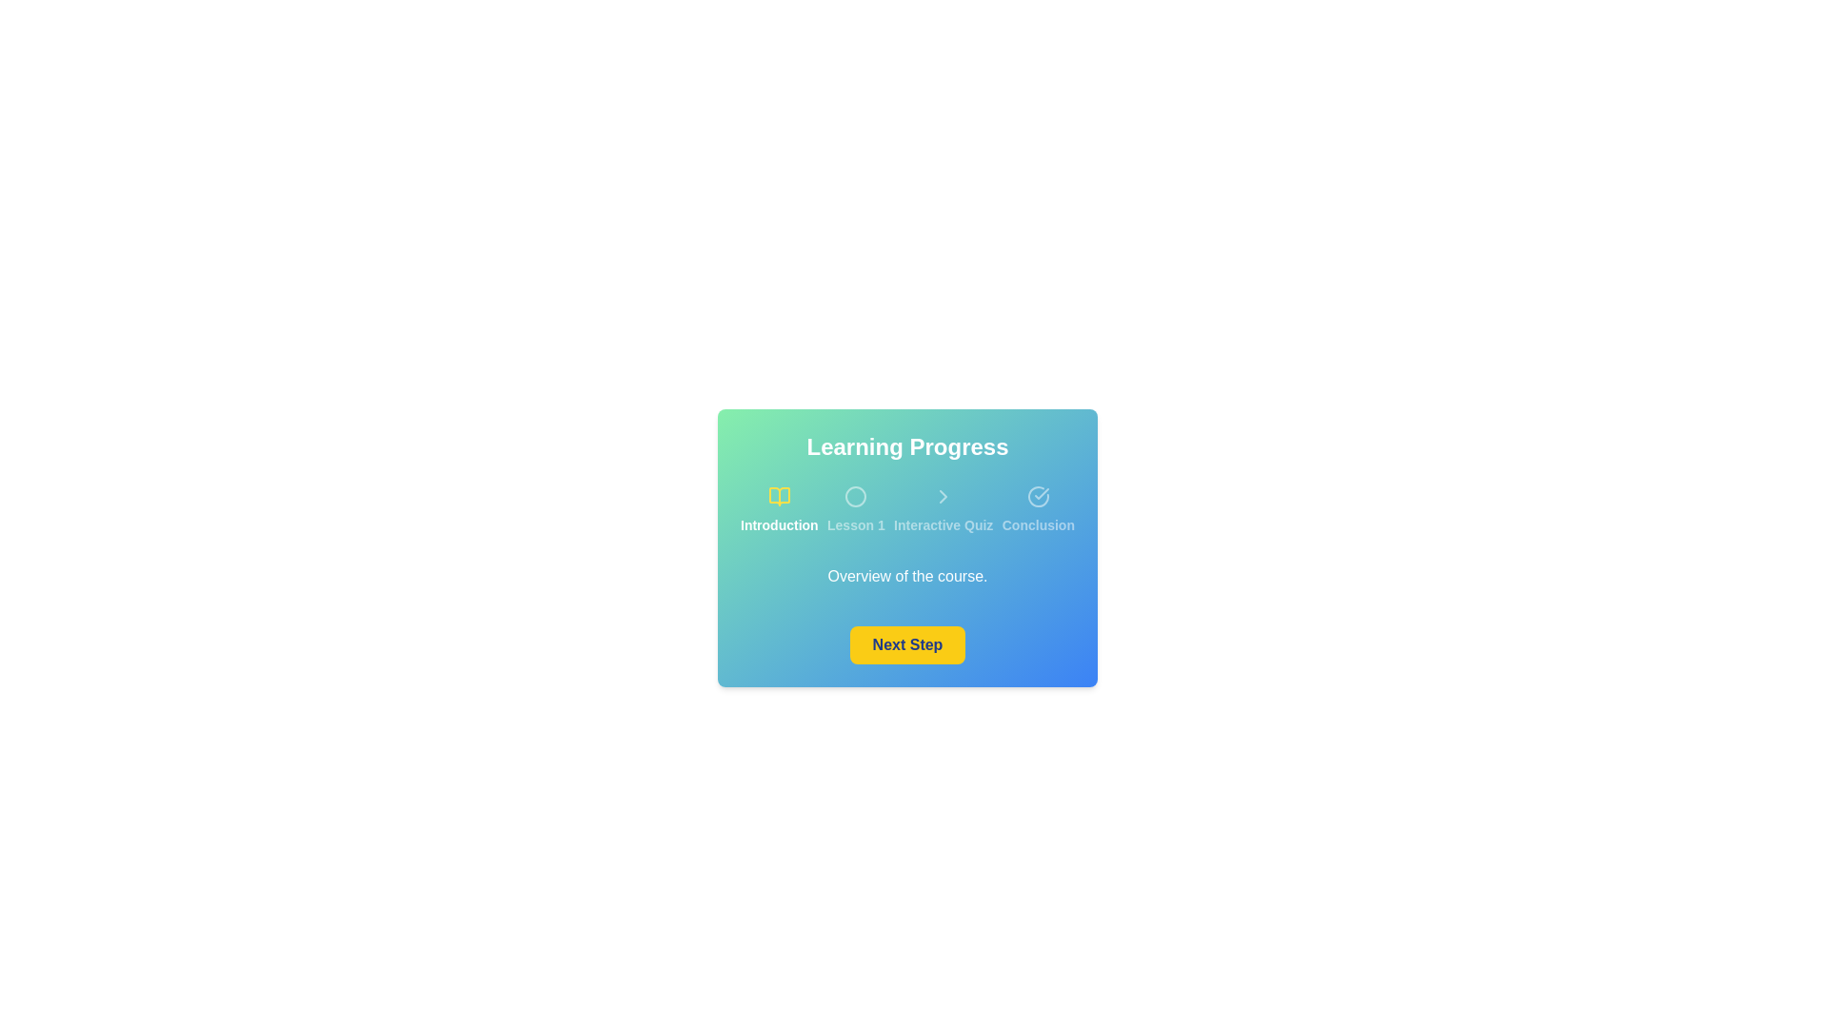  Describe the element at coordinates (854, 509) in the screenshot. I see `the second Progression step indicator labeled 'Lesson 1' located within the 'Learning Progress' section` at that location.